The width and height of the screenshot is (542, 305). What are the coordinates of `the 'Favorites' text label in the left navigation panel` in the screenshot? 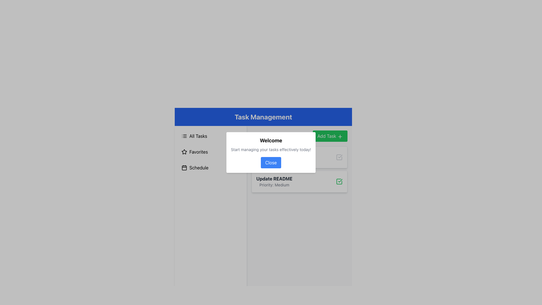 It's located at (198, 151).